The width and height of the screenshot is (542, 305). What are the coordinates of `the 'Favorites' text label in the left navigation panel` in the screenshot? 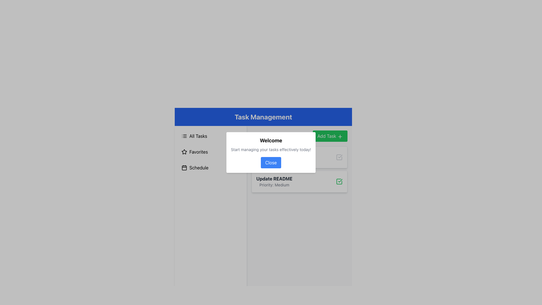 It's located at (198, 151).